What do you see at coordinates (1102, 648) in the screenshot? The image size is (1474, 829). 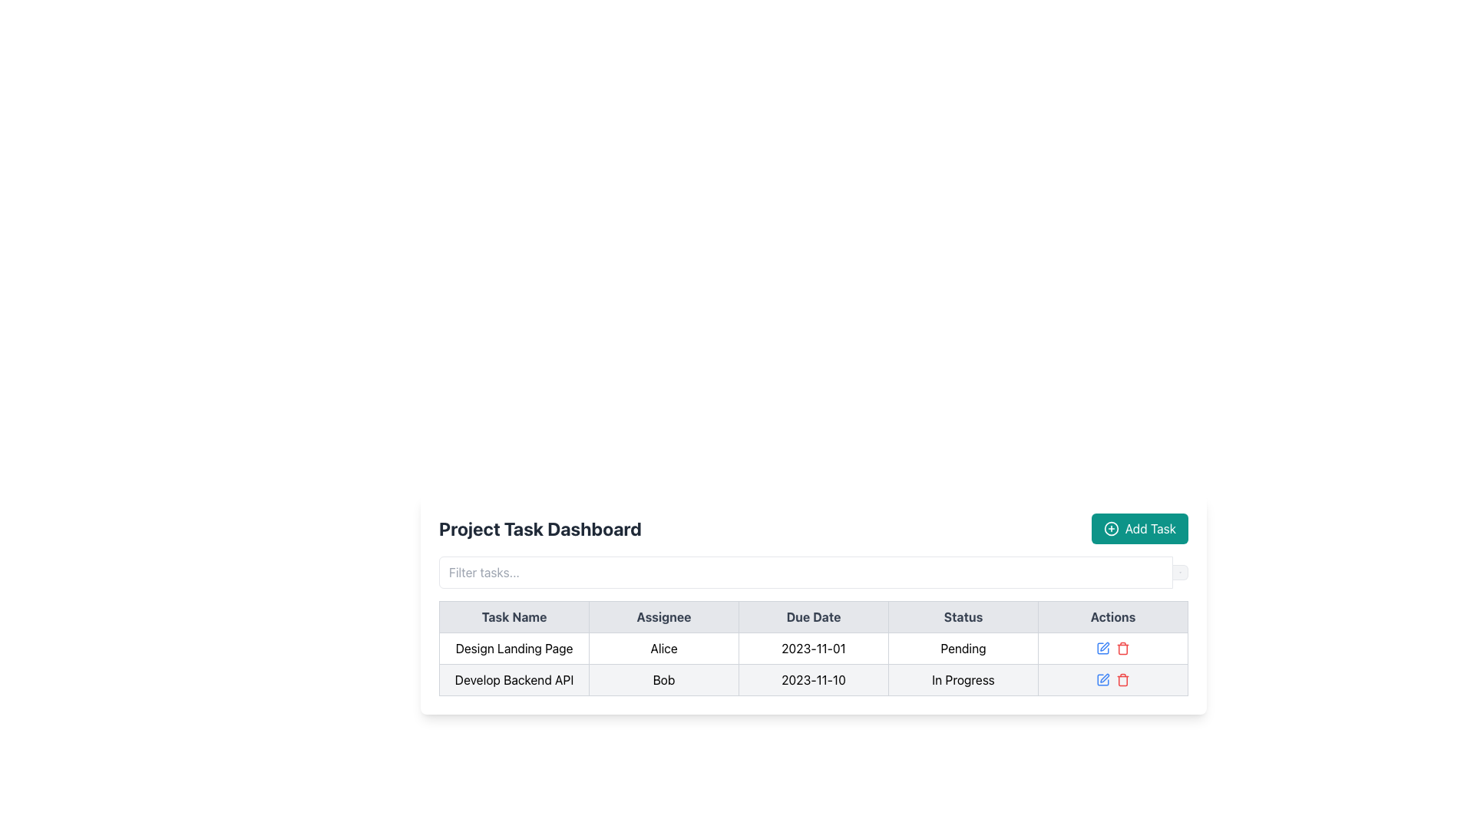 I see `the blue icon button located in the last column of the second row under the 'Actions' column` at bounding box center [1102, 648].